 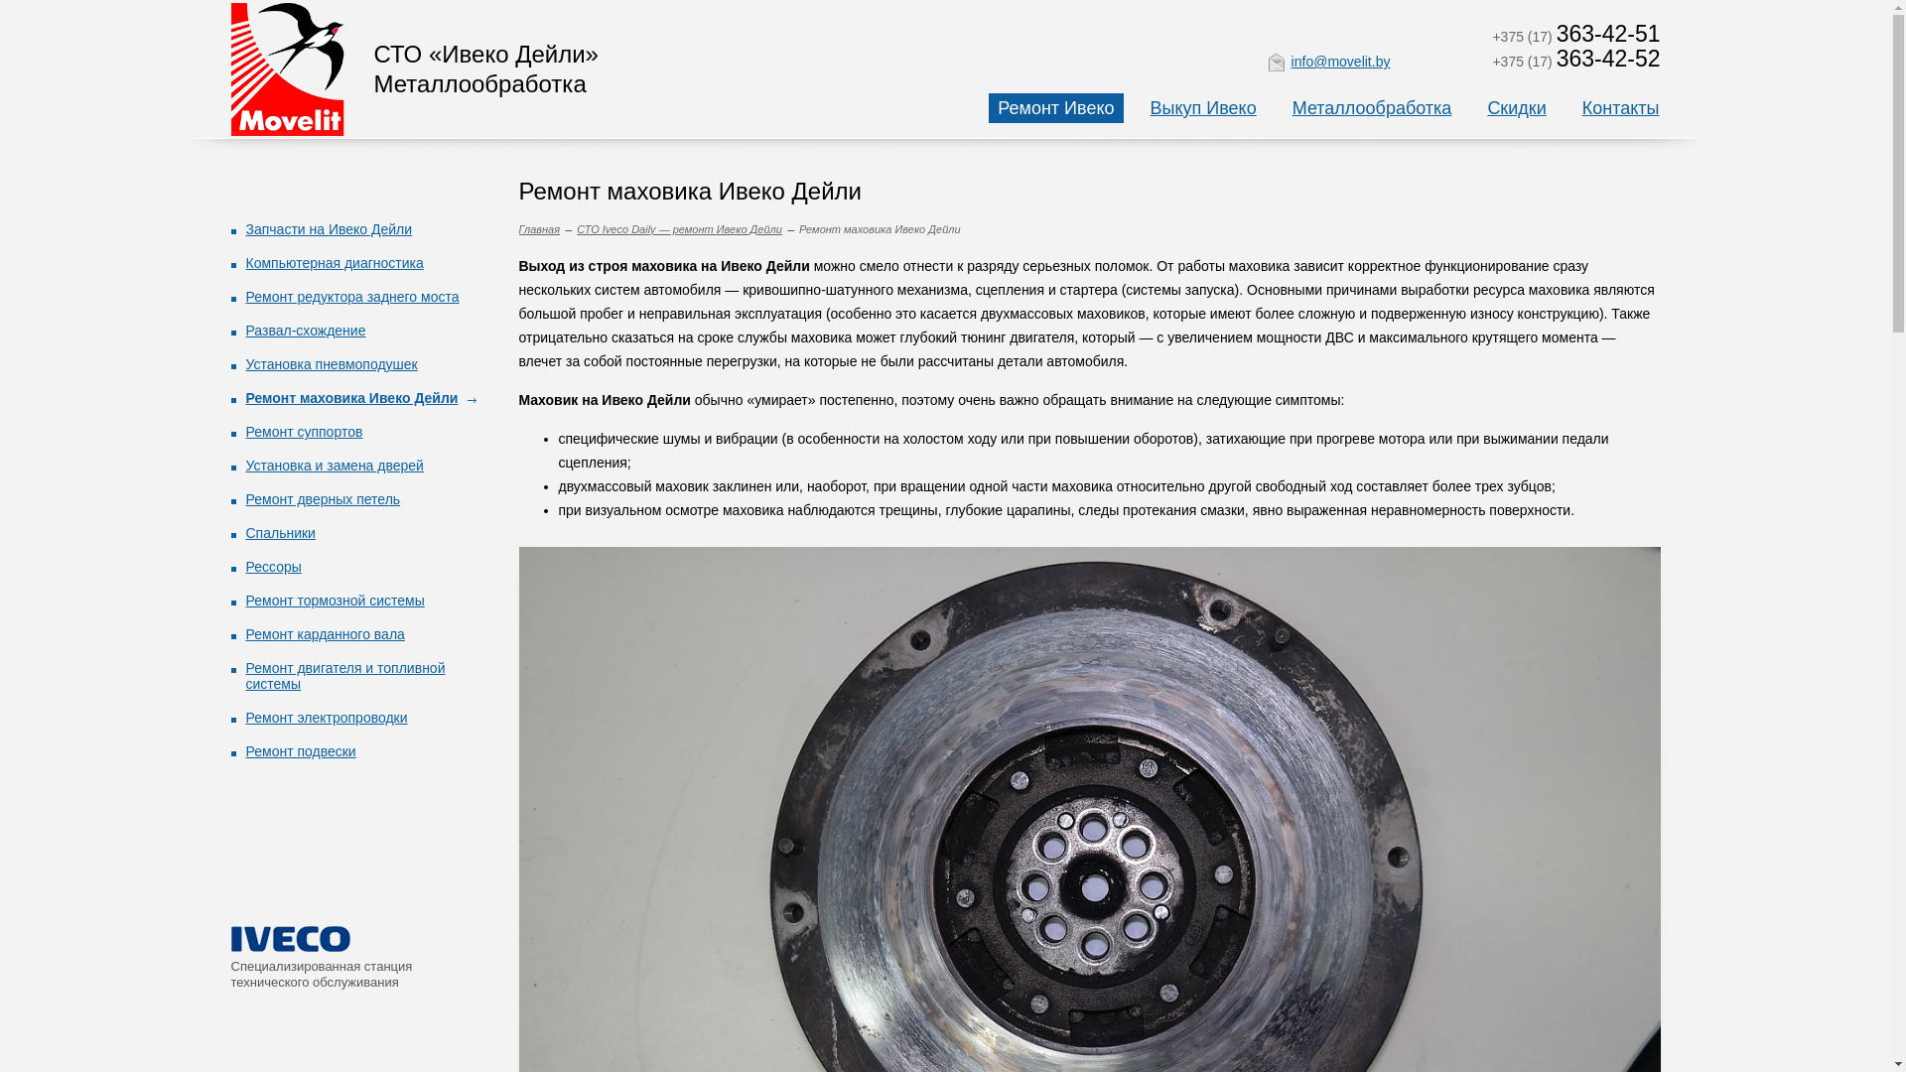 I want to click on '+375 (17) 363-42-52', so click(x=1574, y=60).